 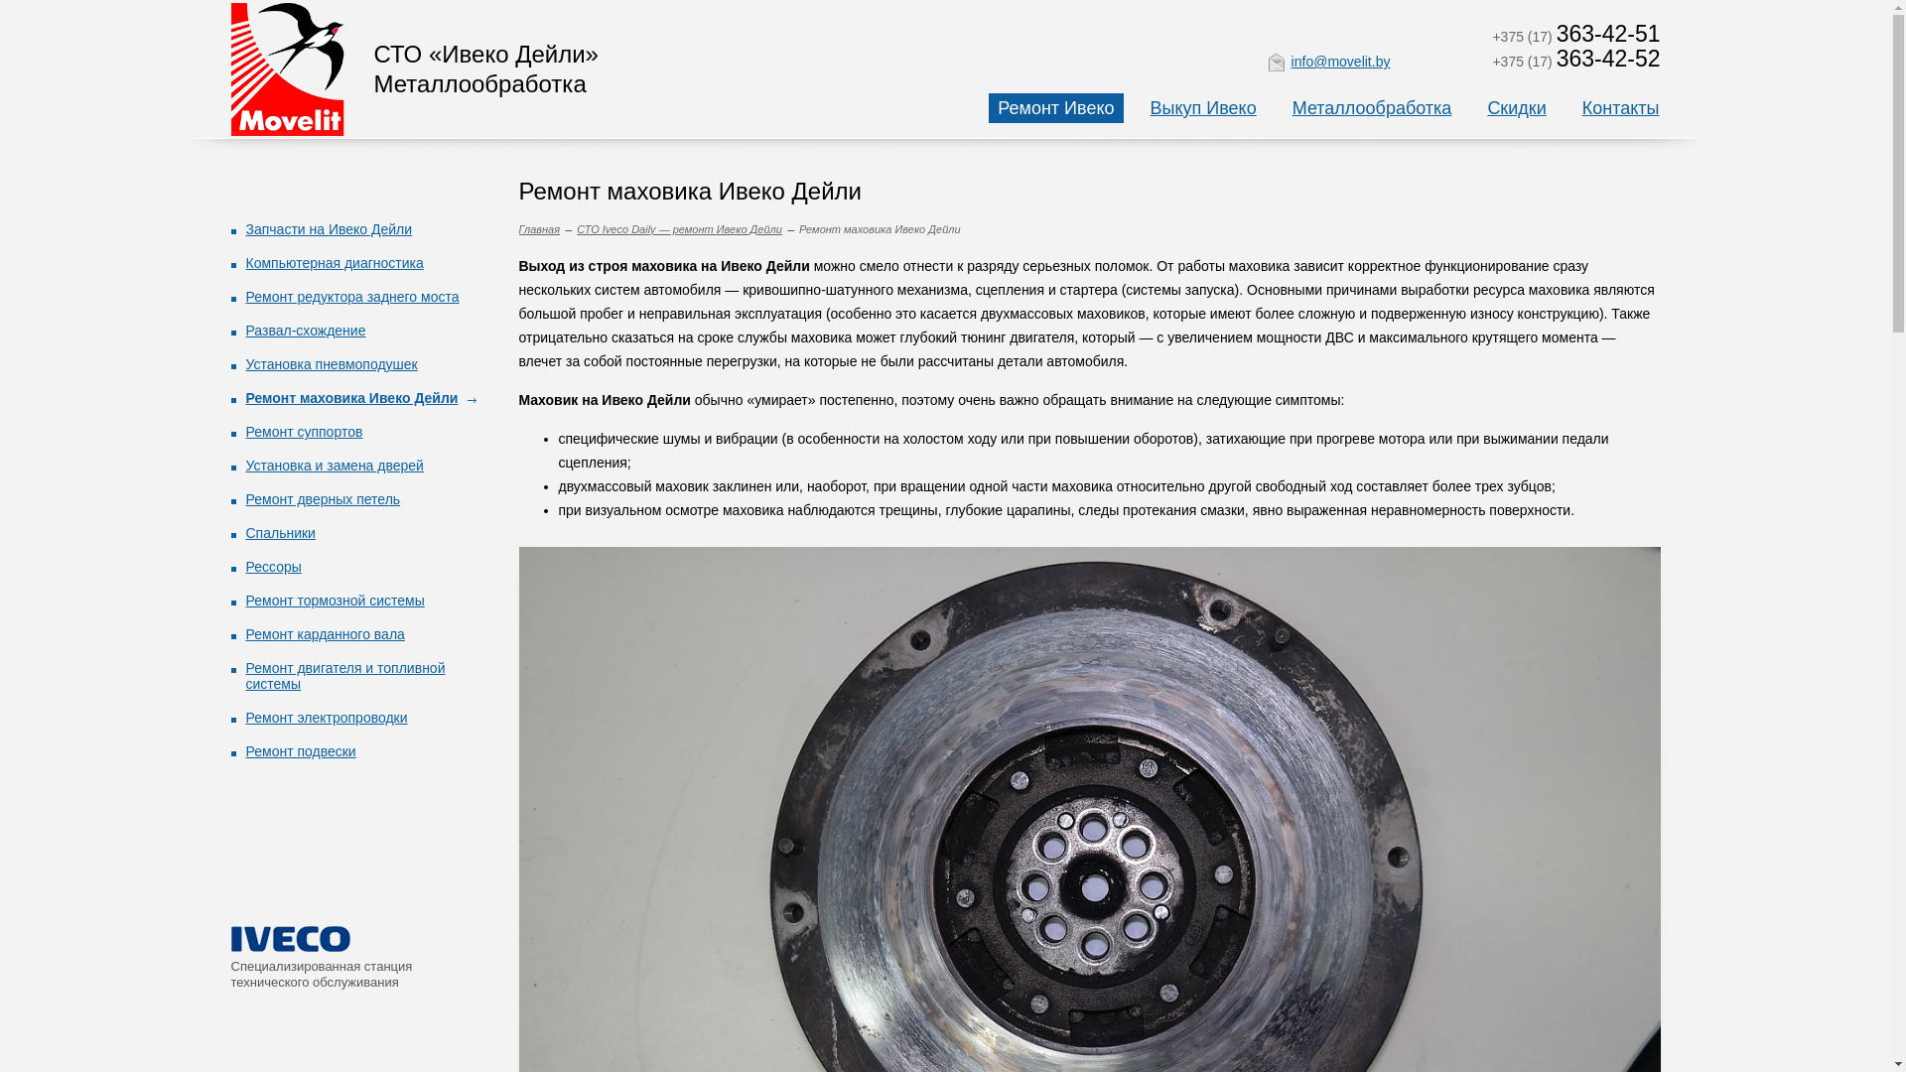 I want to click on '+375 (17) 363-42-52', so click(x=1574, y=60).